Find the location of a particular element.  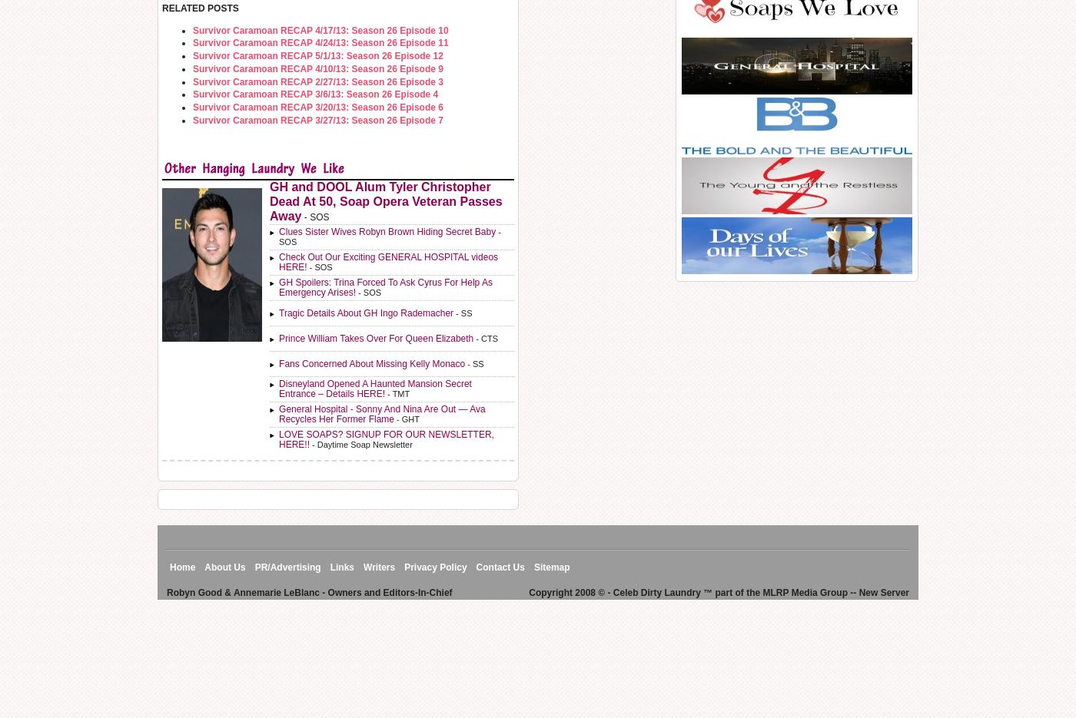

'Contact Us' is located at coordinates (475, 567).